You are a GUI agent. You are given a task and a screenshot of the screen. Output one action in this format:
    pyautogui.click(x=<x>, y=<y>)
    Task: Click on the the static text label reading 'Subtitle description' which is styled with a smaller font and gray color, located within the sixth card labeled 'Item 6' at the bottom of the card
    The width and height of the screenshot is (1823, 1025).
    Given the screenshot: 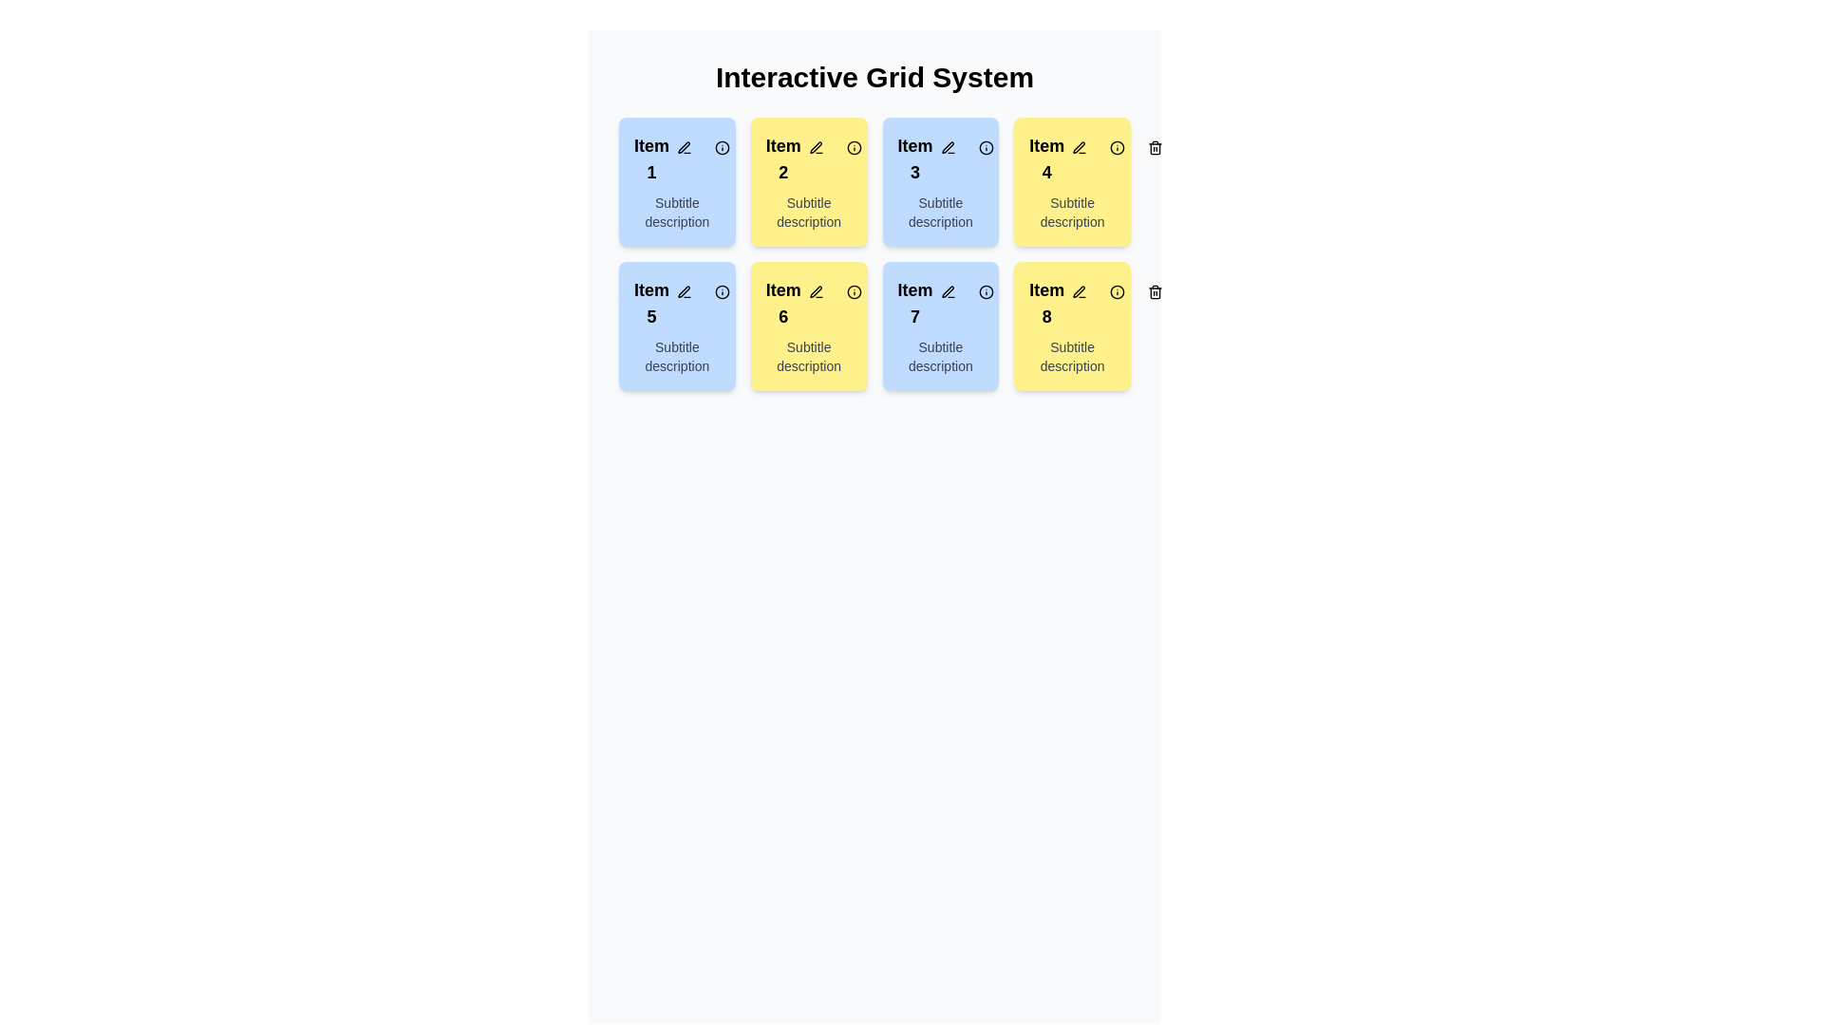 What is the action you would take?
    pyautogui.click(x=809, y=356)
    